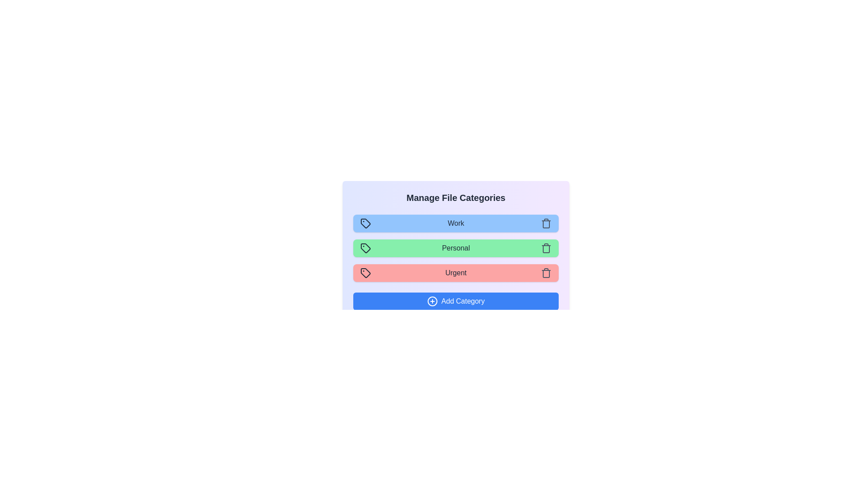  What do you see at coordinates (456, 248) in the screenshot?
I see `the category Personal to observe its hover effect` at bounding box center [456, 248].